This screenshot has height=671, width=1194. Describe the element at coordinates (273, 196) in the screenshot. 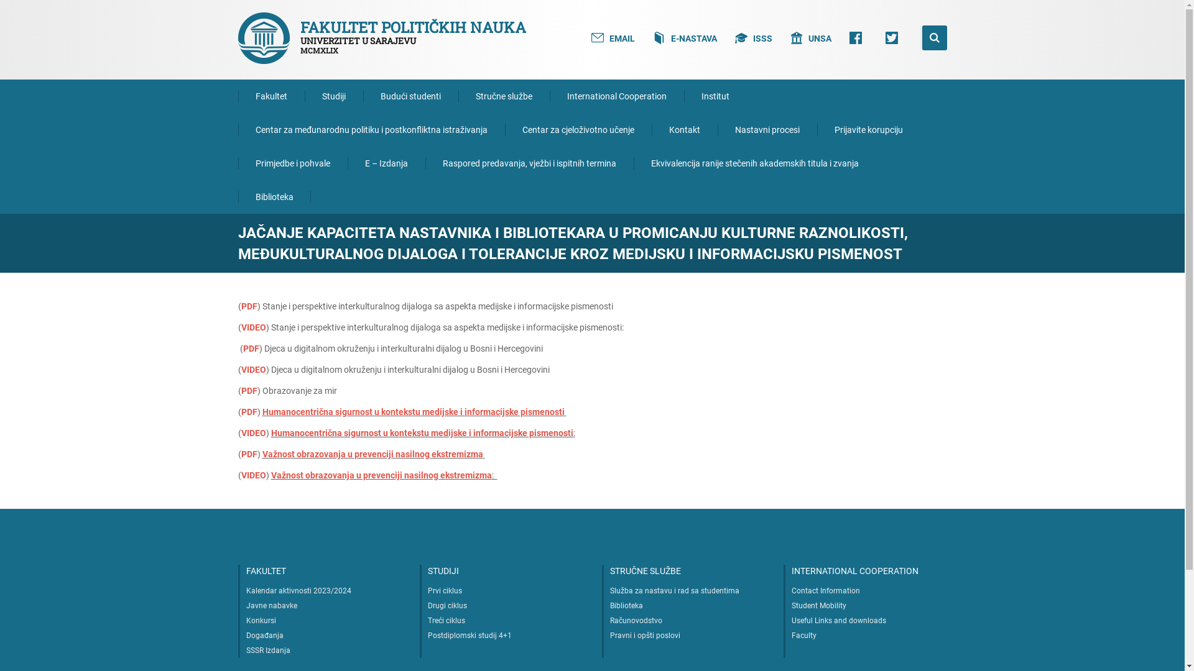

I see `'Biblioteka'` at that location.